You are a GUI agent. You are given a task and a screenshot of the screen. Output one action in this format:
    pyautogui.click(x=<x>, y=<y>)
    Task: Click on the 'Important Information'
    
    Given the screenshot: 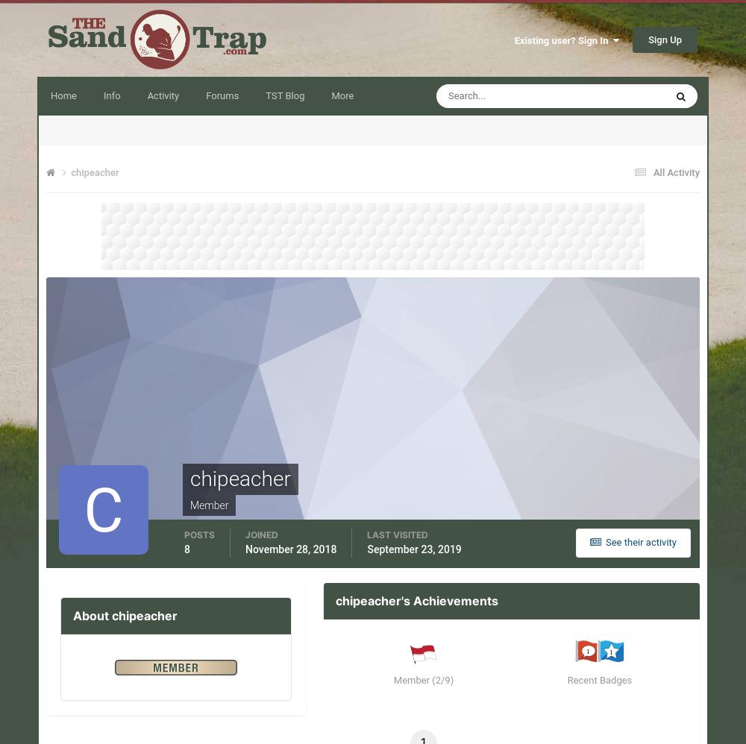 What is the action you would take?
    pyautogui.click(x=119, y=695)
    